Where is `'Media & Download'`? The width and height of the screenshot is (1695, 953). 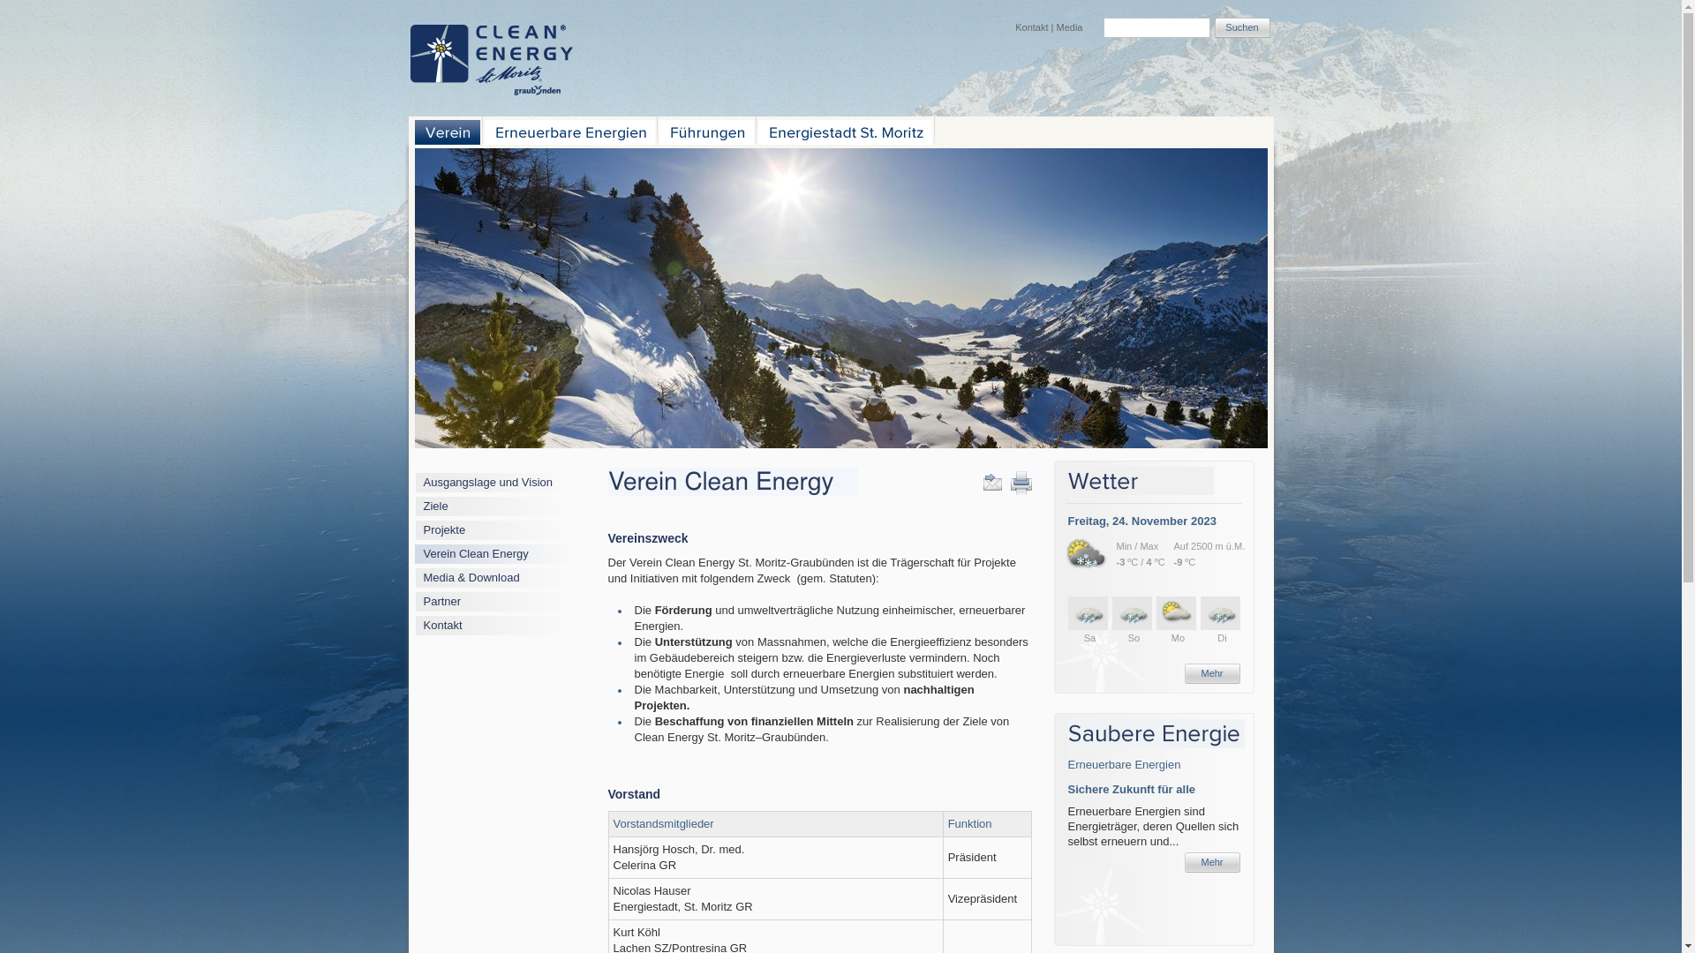 'Media & Download' is located at coordinates (471, 577).